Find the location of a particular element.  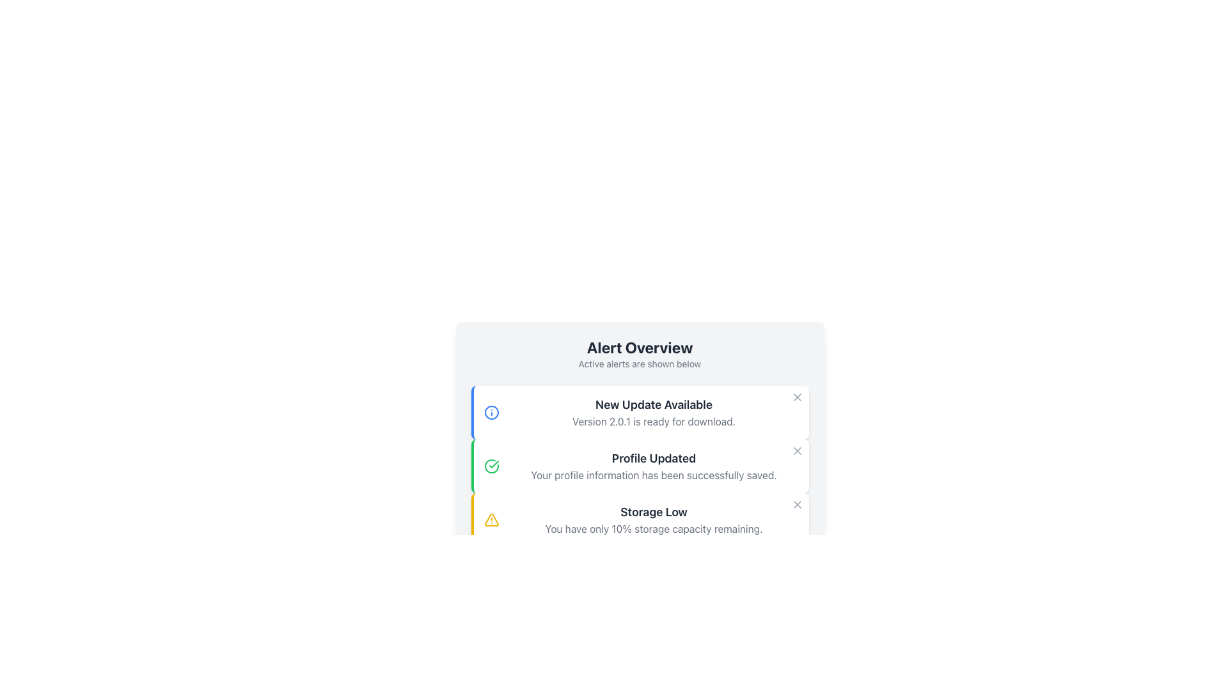

static text header displaying 'New Update Available' in bold, large-sized font located at the top of the notification card is located at coordinates (654, 404).